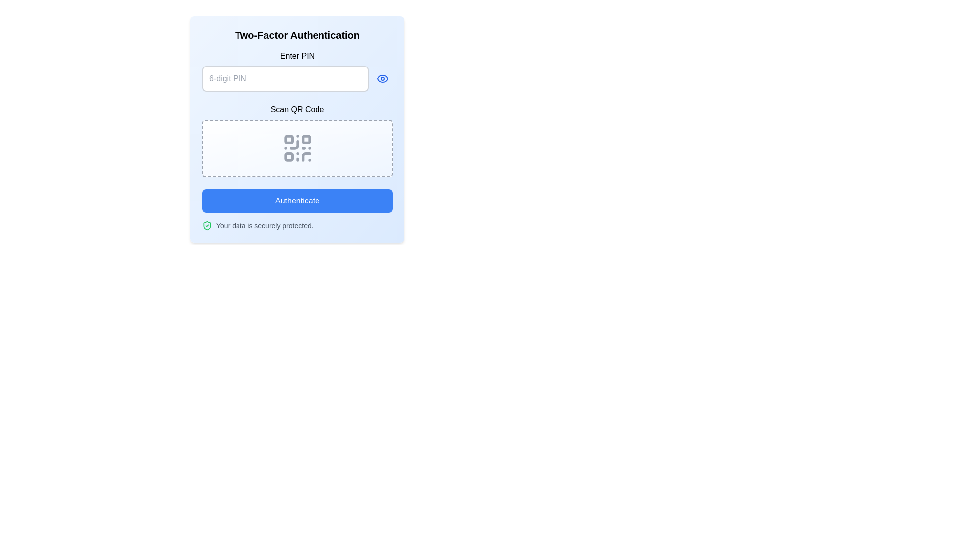  I want to click on the QR code icon in the 'Two-Factor Authentication' section, which is centrally aligned within a dashed border box, so click(297, 148).